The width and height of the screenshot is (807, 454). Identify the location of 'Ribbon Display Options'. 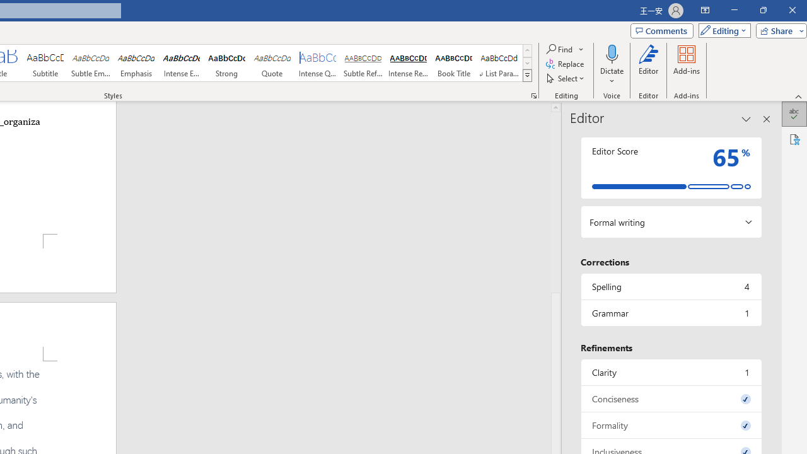
(704, 10).